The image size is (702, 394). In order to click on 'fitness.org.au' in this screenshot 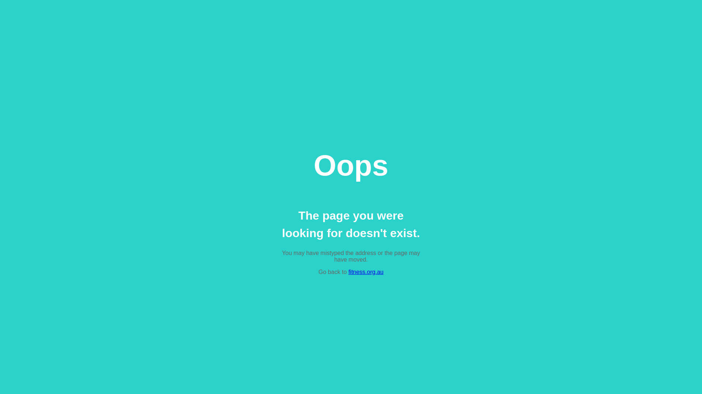, I will do `click(348, 272)`.